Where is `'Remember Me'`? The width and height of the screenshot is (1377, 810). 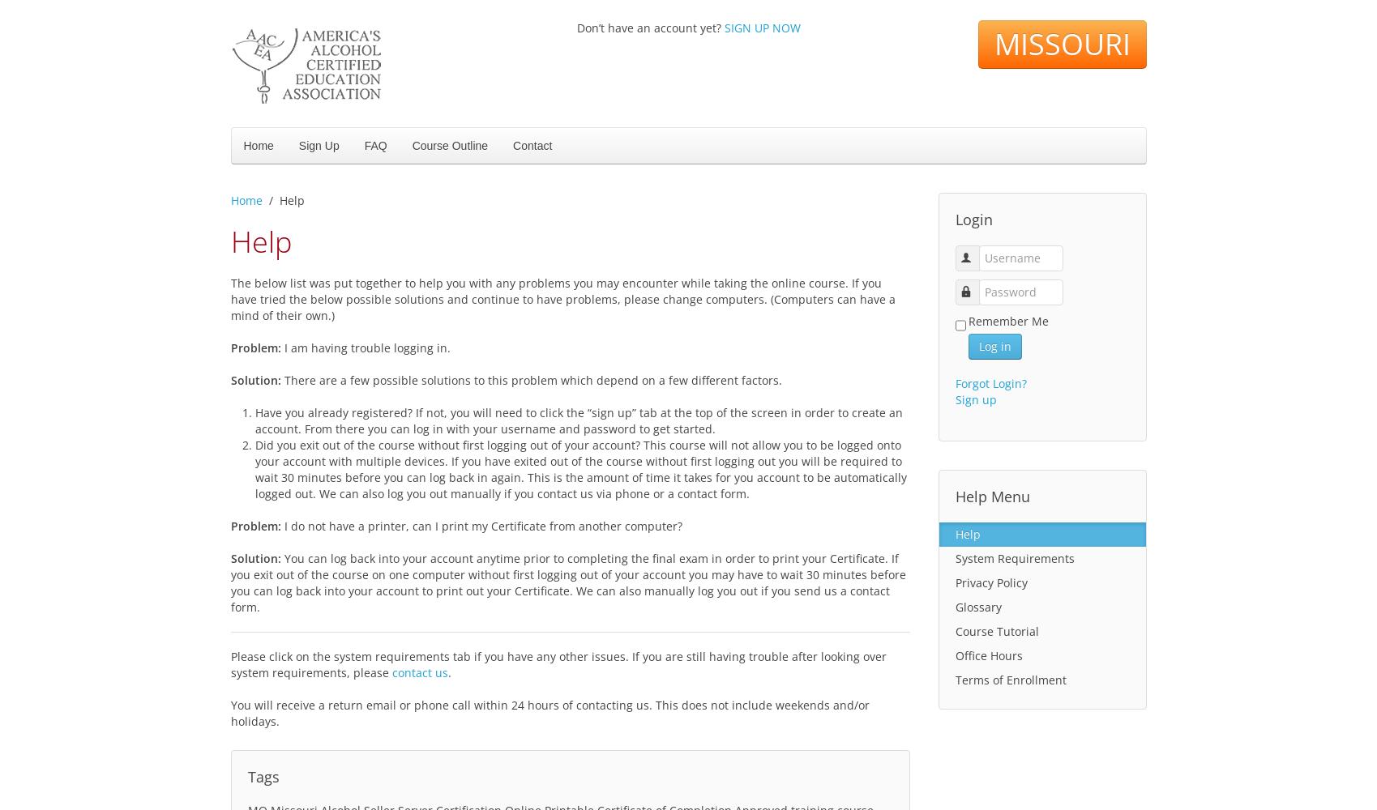 'Remember Me' is located at coordinates (969, 321).